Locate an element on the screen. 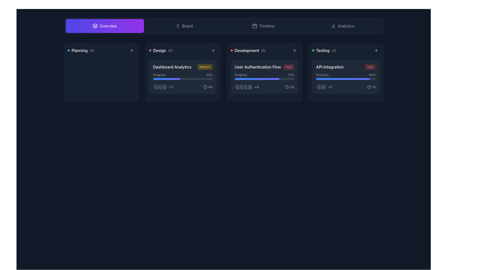  'Development' section element, which appears below the 'Development' header and indicates a count of 5 items is located at coordinates (248, 50).